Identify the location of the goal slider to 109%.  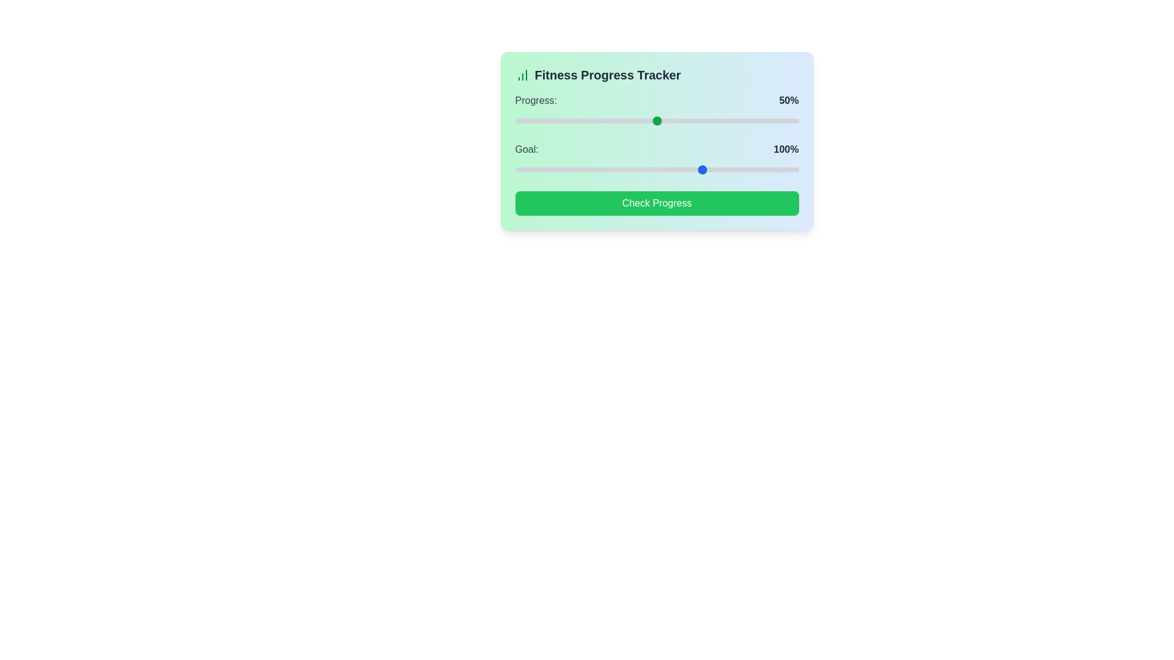
(682, 169).